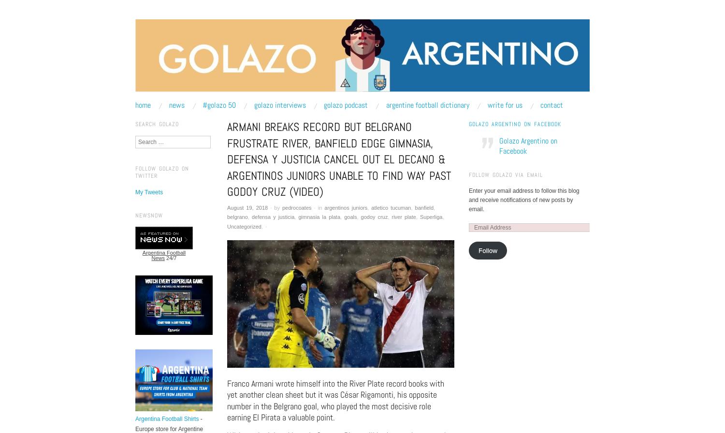  Describe the element at coordinates (247, 207) in the screenshot. I see `'August 19, 2018'` at that location.